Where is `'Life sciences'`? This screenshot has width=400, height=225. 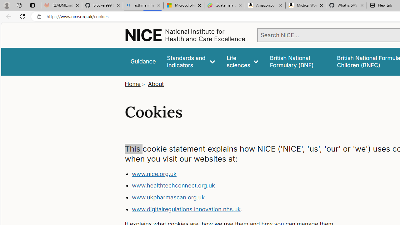
'Life sciences' is located at coordinates (242, 62).